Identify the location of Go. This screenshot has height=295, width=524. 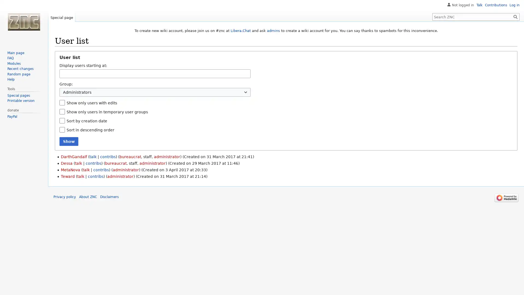
(515, 16).